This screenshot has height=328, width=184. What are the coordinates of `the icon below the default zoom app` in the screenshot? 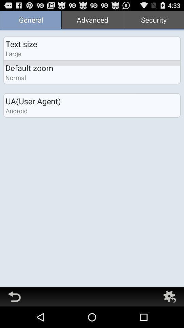 It's located at (16, 78).